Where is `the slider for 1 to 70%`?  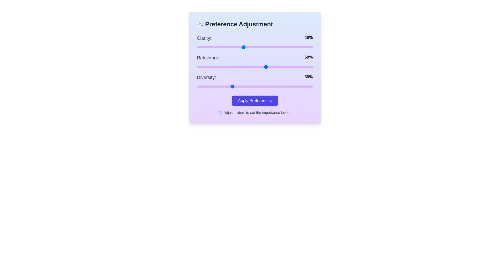 the slider for 1 to 70% is located at coordinates (278, 66).